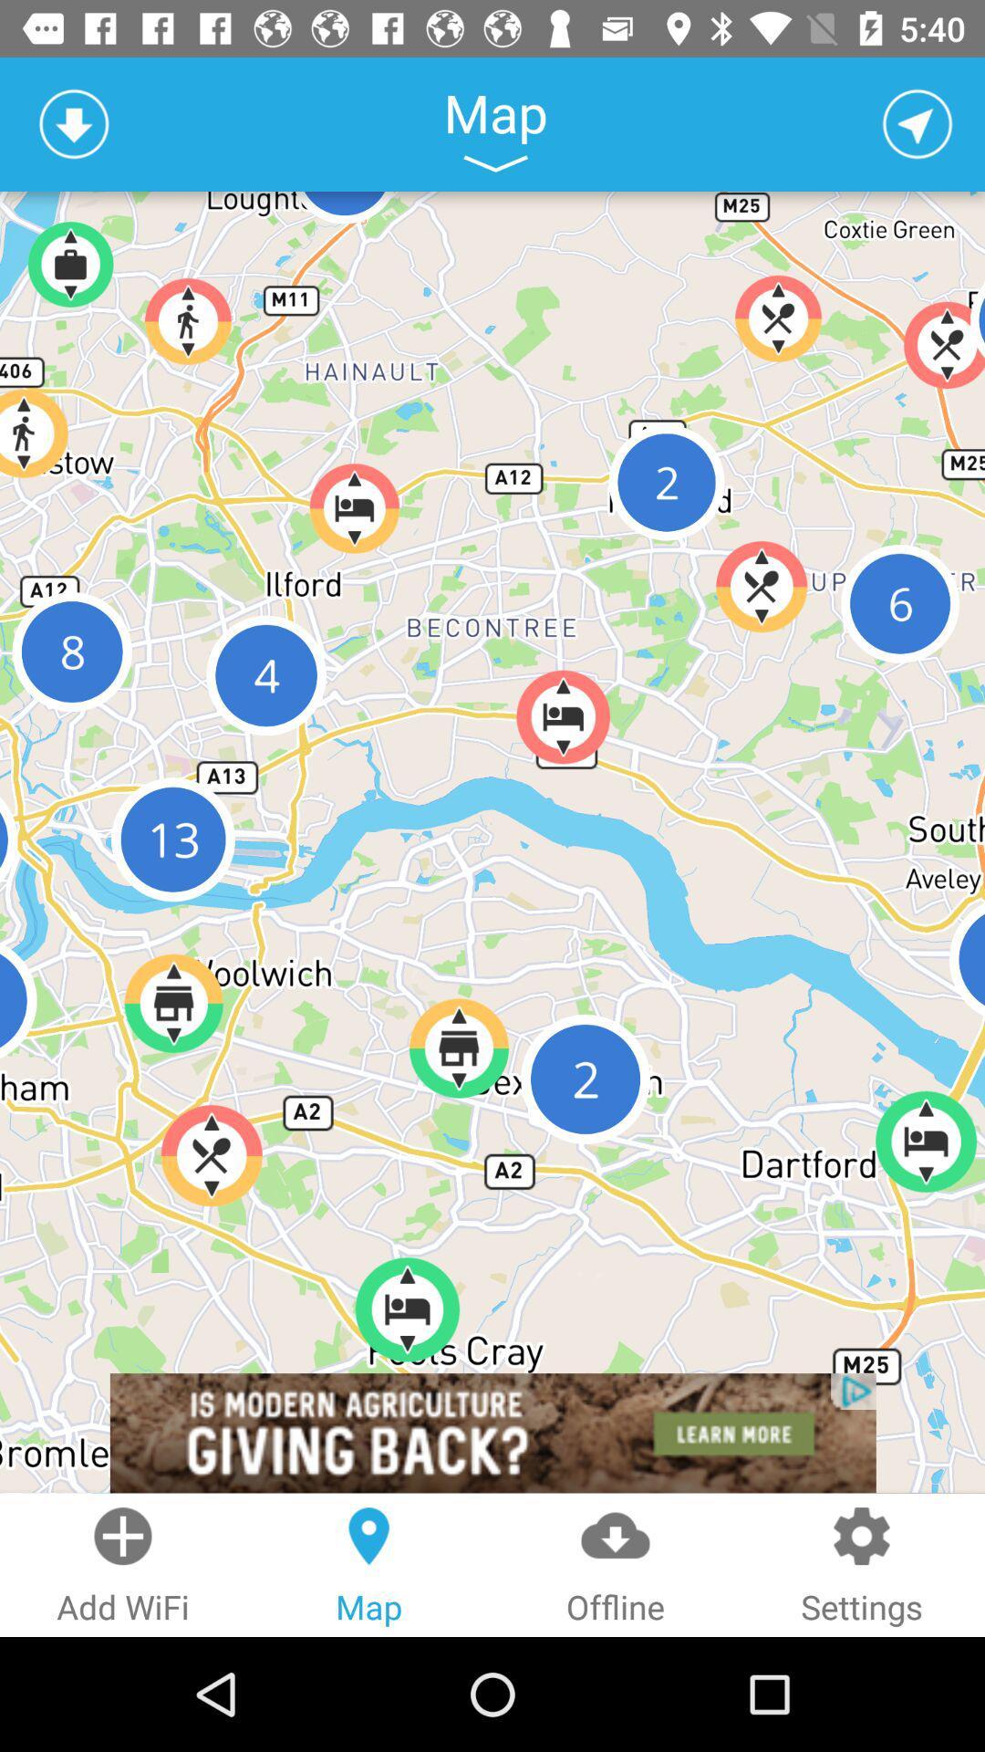 The height and width of the screenshot is (1752, 985). What do you see at coordinates (493, 1432) in the screenshot?
I see `advertisement banner` at bounding box center [493, 1432].